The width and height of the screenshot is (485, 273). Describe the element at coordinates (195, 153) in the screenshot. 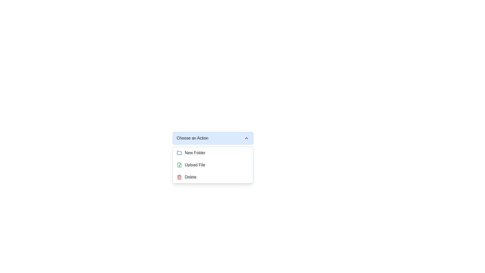

I see `the 'New Folder' text label, which is a gray medium-sized font label located next to a blue folder icon in a dropdown menu` at that location.